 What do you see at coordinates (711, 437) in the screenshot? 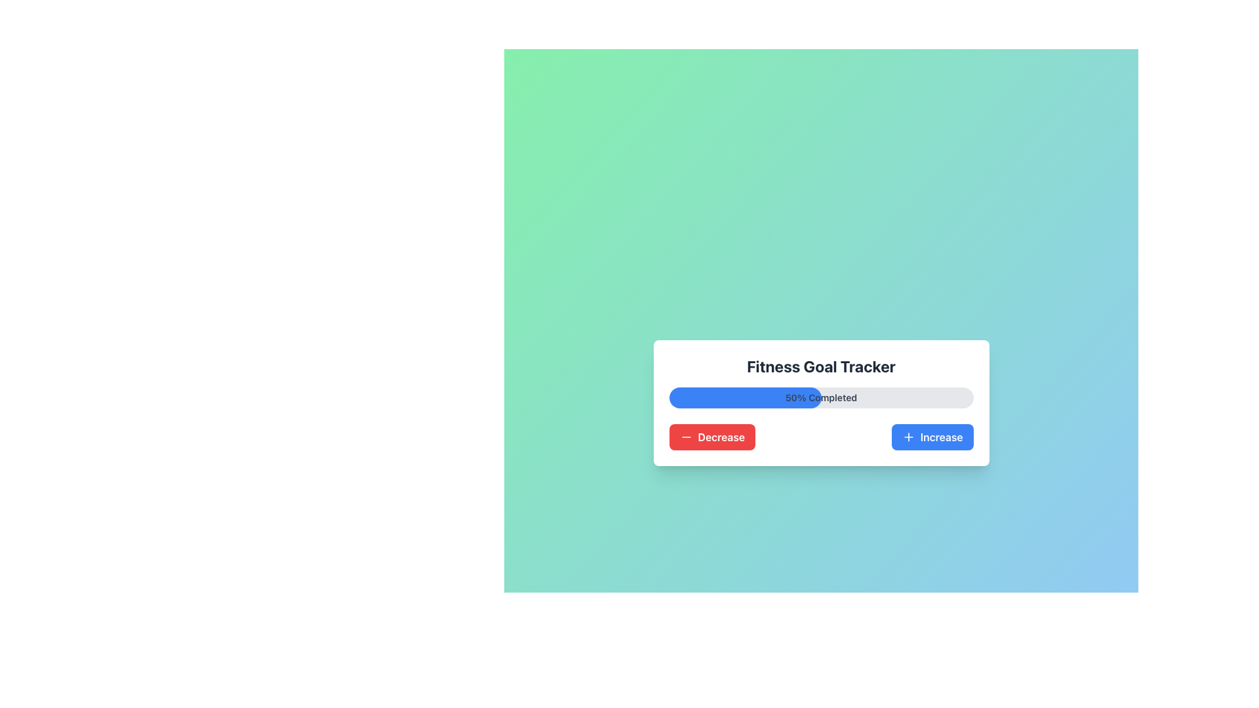
I see `the red rectangular button labeled 'Decrease' with a minus icon, positioned at the bottom-left of the Fitness Goal Tracker card` at bounding box center [711, 437].